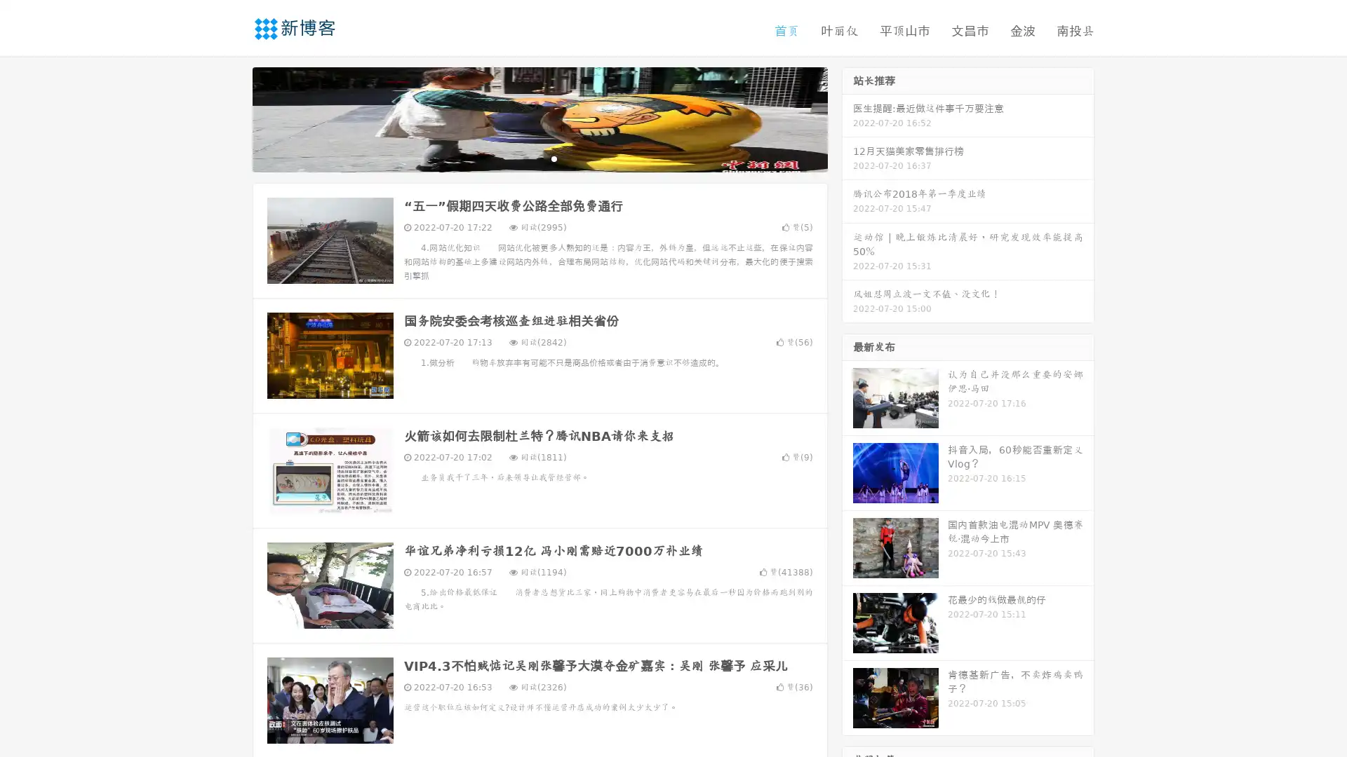 This screenshot has height=757, width=1347. Describe the element at coordinates (232, 118) in the screenshot. I see `Previous slide` at that location.